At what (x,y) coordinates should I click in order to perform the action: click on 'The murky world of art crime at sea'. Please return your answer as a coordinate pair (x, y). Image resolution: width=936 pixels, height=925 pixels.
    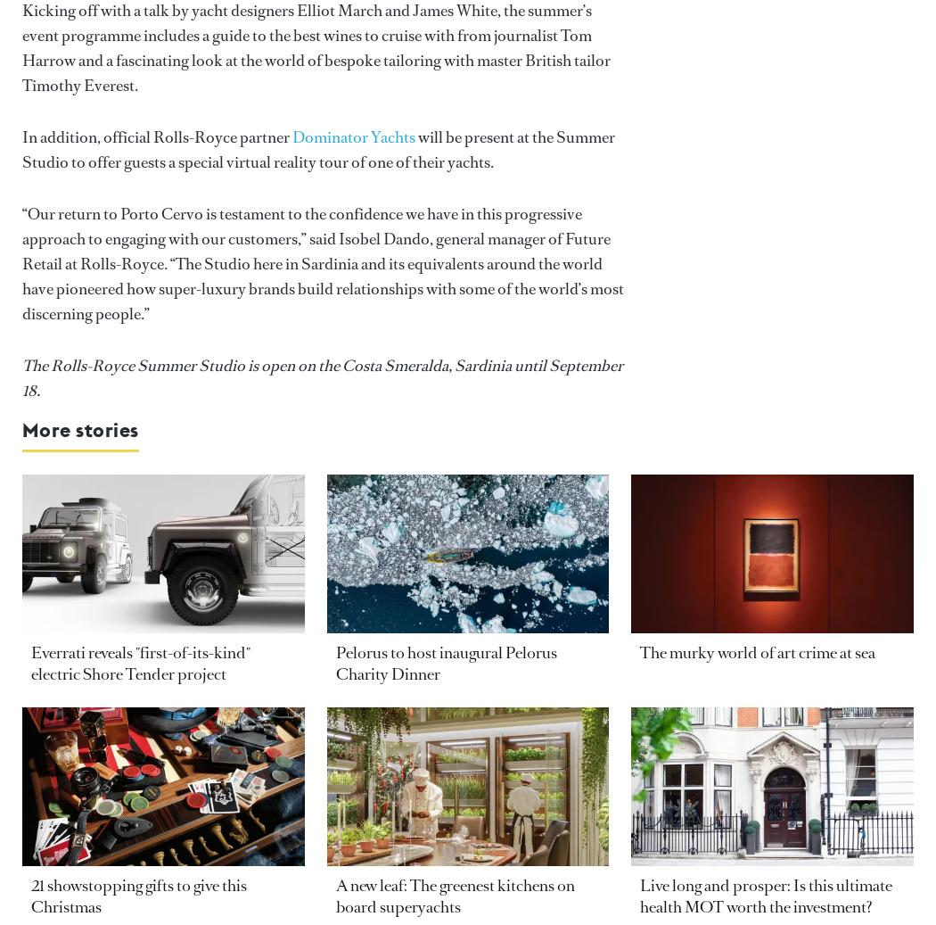
    Looking at the image, I should click on (638, 653).